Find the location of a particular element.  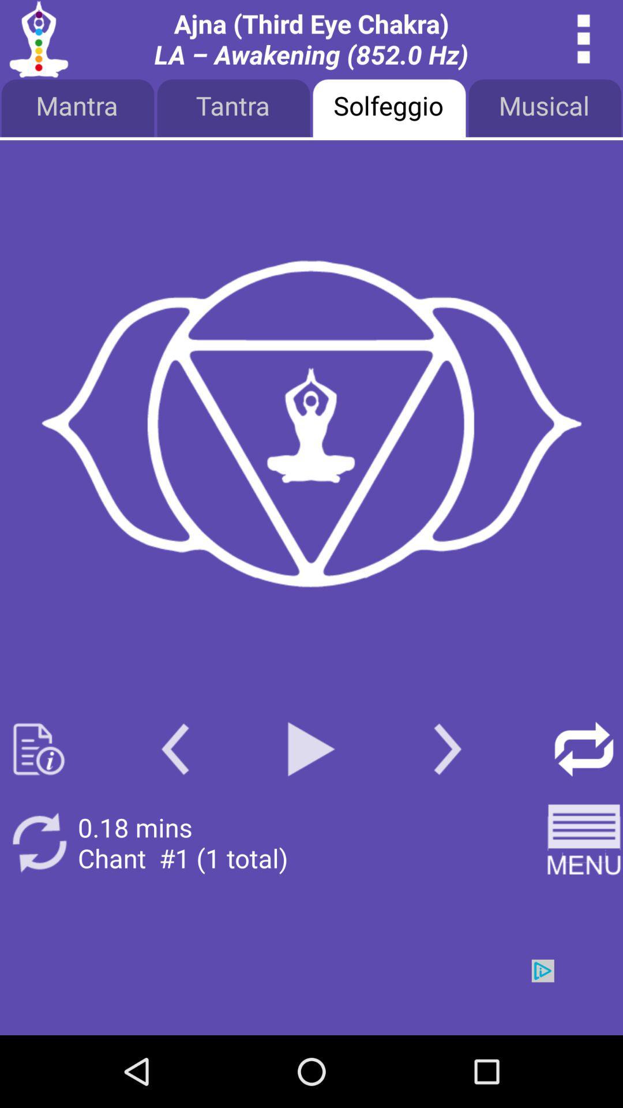

paly is located at coordinates (311, 749).